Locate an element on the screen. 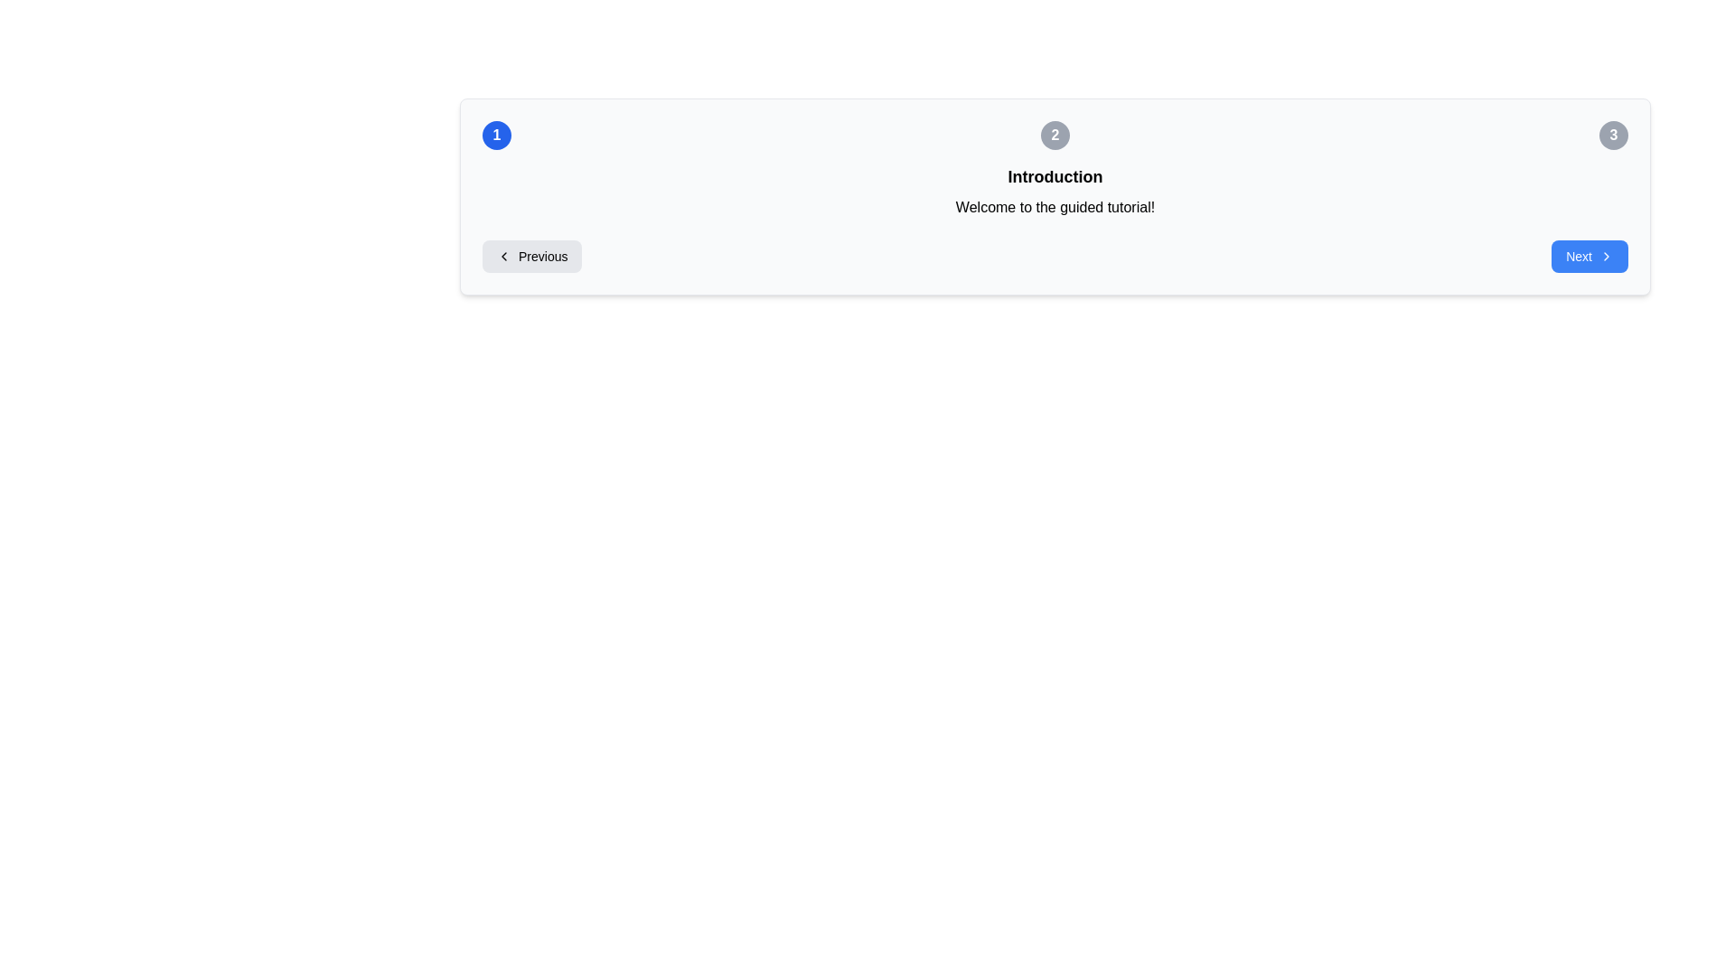  the leftmost circular button with a blue background and the white text '1' is located at coordinates (497, 135).